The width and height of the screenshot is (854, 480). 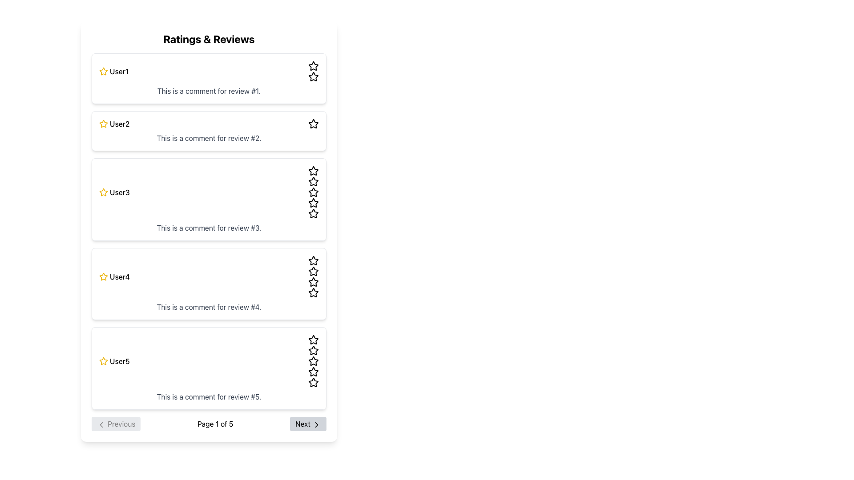 I want to click on the rating icon located at the beginning of the row representing the review by 'User3' in the 'Ratings & Reviews' section, so click(x=104, y=192).